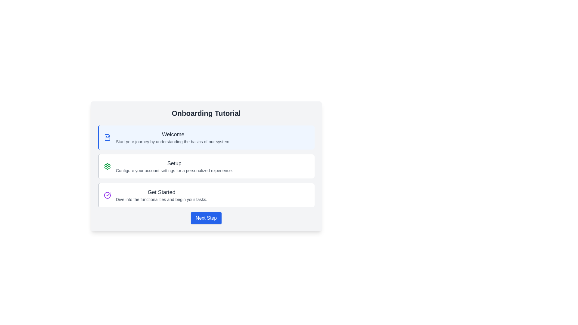 Image resolution: width=578 pixels, height=325 pixels. Describe the element at coordinates (107, 166) in the screenshot. I see `the center of the gear-shaped settings icon, which is located at the top right of the interface` at that location.